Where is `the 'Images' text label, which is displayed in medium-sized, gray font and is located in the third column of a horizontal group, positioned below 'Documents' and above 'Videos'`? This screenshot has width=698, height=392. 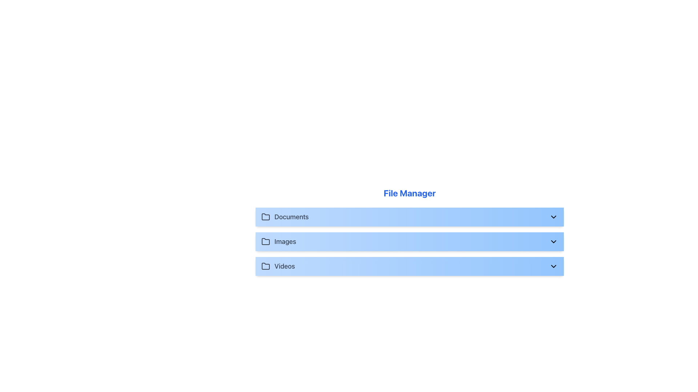 the 'Images' text label, which is displayed in medium-sized, gray font and is located in the third column of a horizontal group, positioned below 'Documents' and above 'Videos' is located at coordinates (285, 242).